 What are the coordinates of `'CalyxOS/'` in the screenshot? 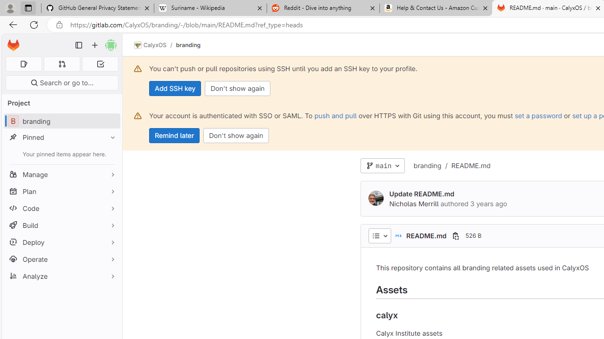 It's located at (155, 45).